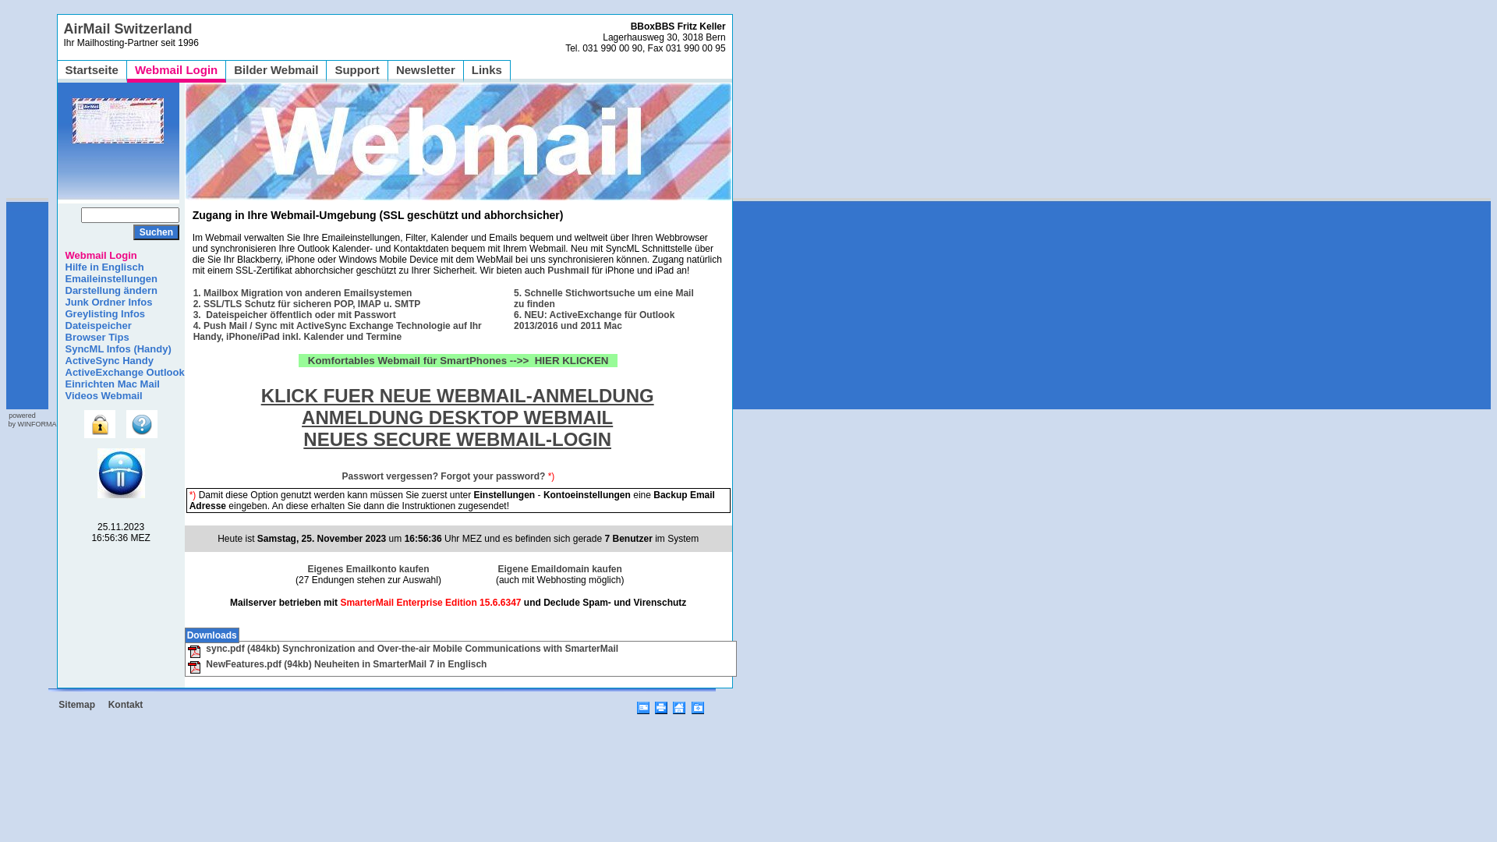 Image resolution: width=1497 pixels, height=842 pixels. I want to click on 'Pushmail', so click(567, 270).